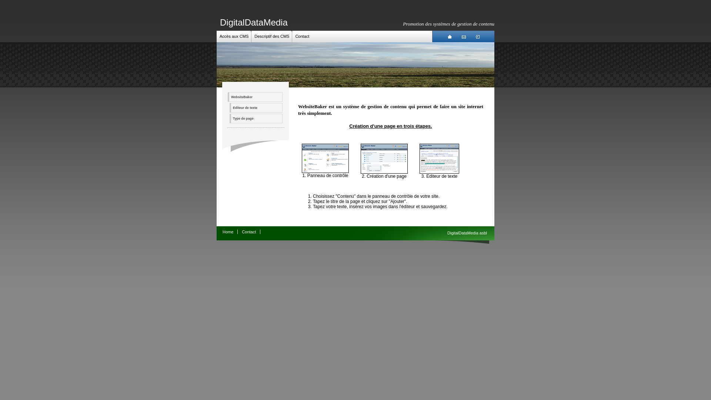 The height and width of the screenshot is (400, 711). I want to click on 'DigitalDataMedia', so click(254, 22).